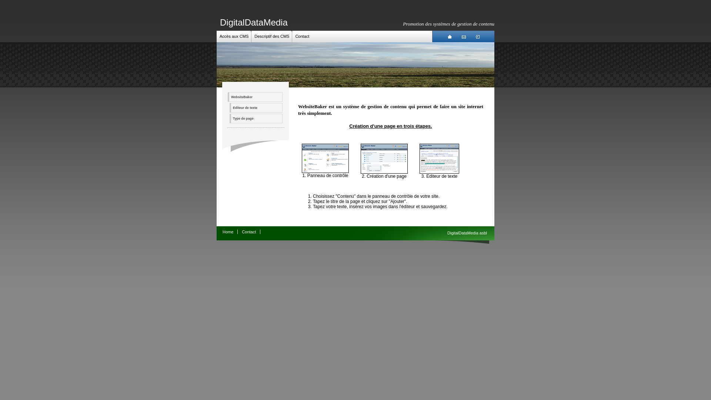 The height and width of the screenshot is (400, 711). I want to click on 'DigitalDataMedia', so click(254, 22).